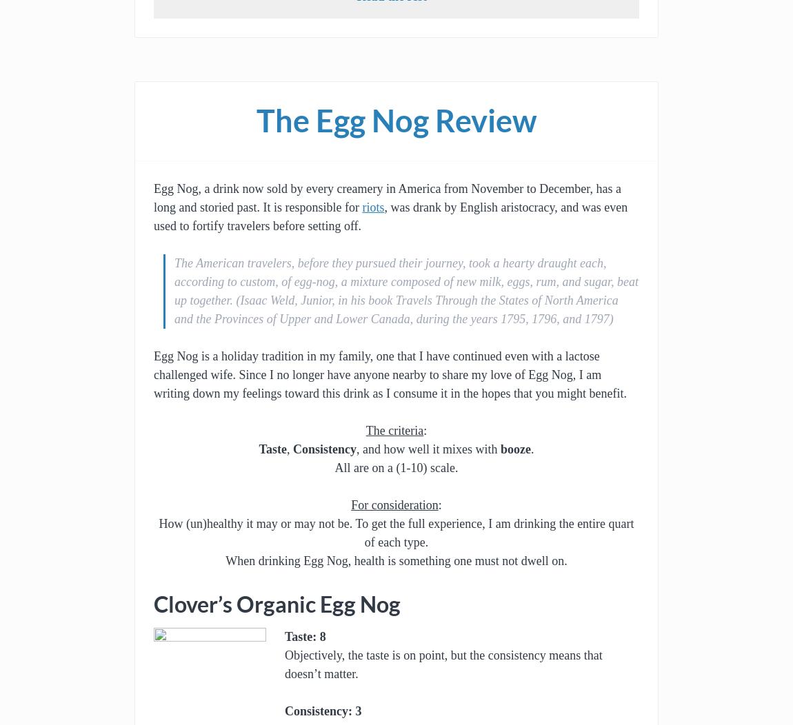  What do you see at coordinates (365, 430) in the screenshot?
I see `'The criteria'` at bounding box center [365, 430].